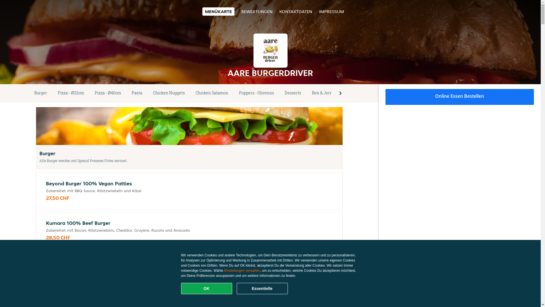  What do you see at coordinates (137, 93) in the screenshot?
I see `'Pasta'` at bounding box center [137, 93].